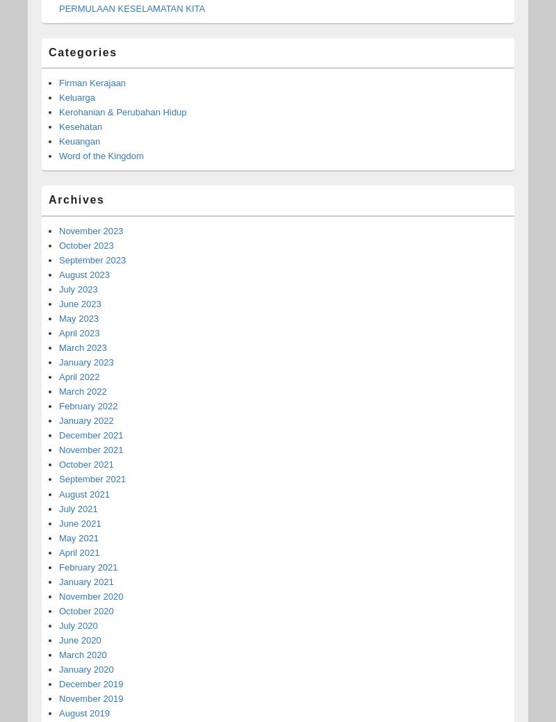 The height and width of the screenshot is (722, 556). What do you see at coordinates (78, 551) in the screenshot?
I see `'April 2021'` at bounding box center [78, 551].